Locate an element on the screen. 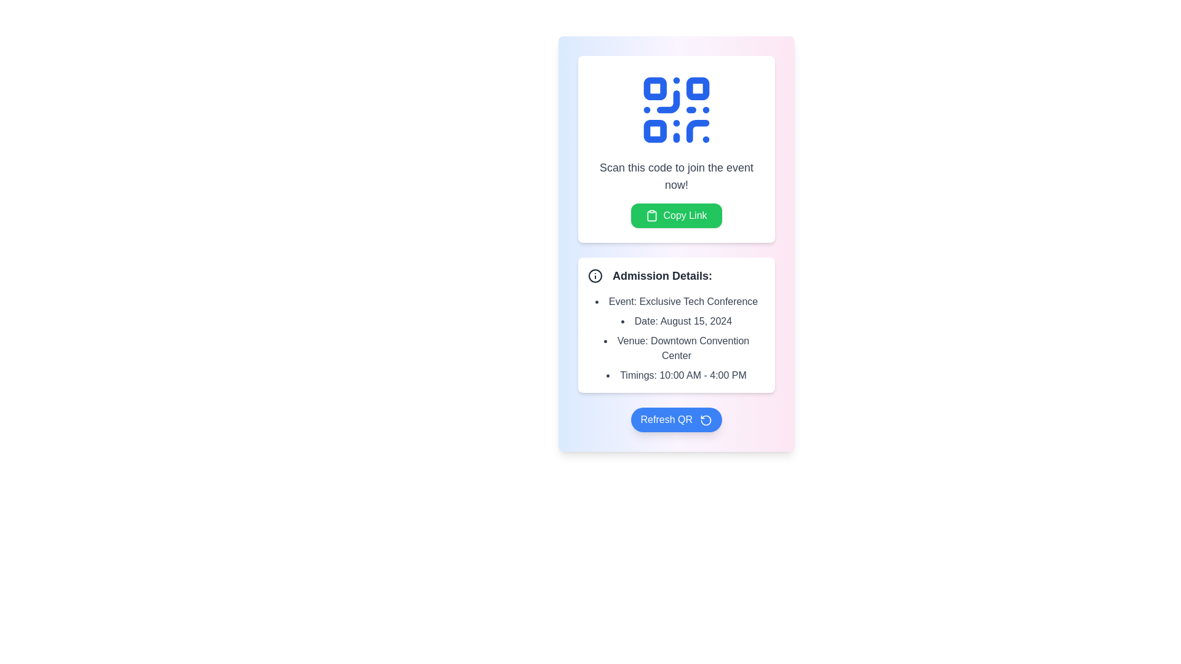 The image size is (1181, 664). the text element displaying 'Date: August 15, 2024', which is the second item in the bulleted list under 'Admission Details' is located at coordinates (675, 321).